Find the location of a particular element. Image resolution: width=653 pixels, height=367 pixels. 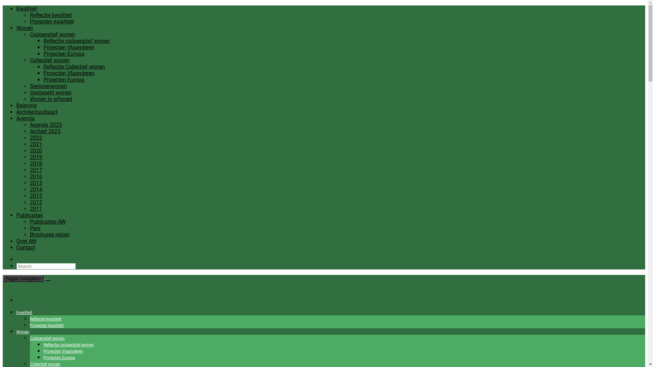

'Agenda 2023' is located at coordinates (29, 125).